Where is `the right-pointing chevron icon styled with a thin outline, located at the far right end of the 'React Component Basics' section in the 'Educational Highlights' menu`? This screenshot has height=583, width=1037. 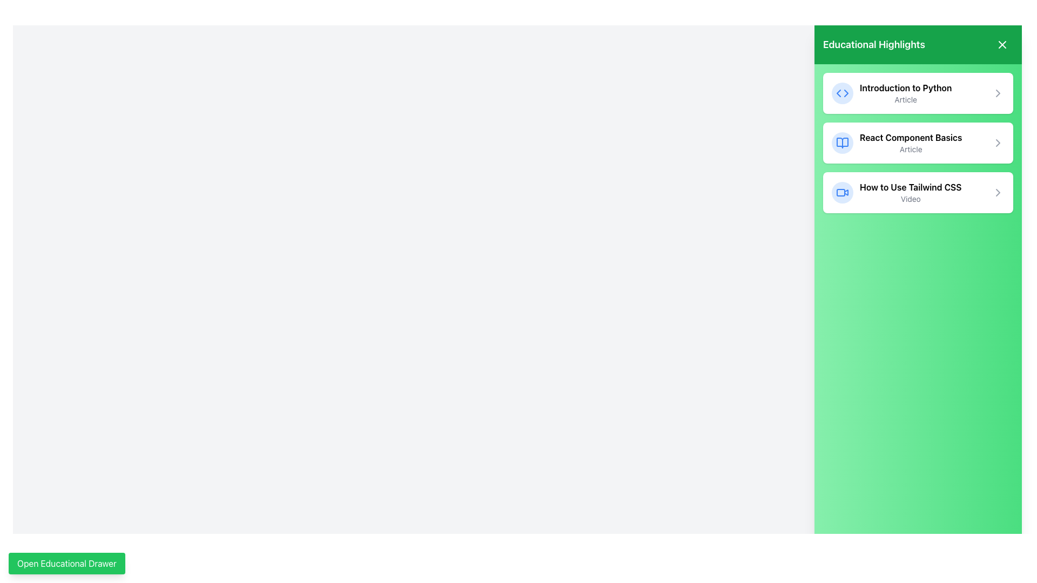
the right-pointing chevron icon styled with a thin outline, located at the far right end of the 'React Component Basics' section in the 'Educational Highlights' menu is located at coordinates (998, 143).